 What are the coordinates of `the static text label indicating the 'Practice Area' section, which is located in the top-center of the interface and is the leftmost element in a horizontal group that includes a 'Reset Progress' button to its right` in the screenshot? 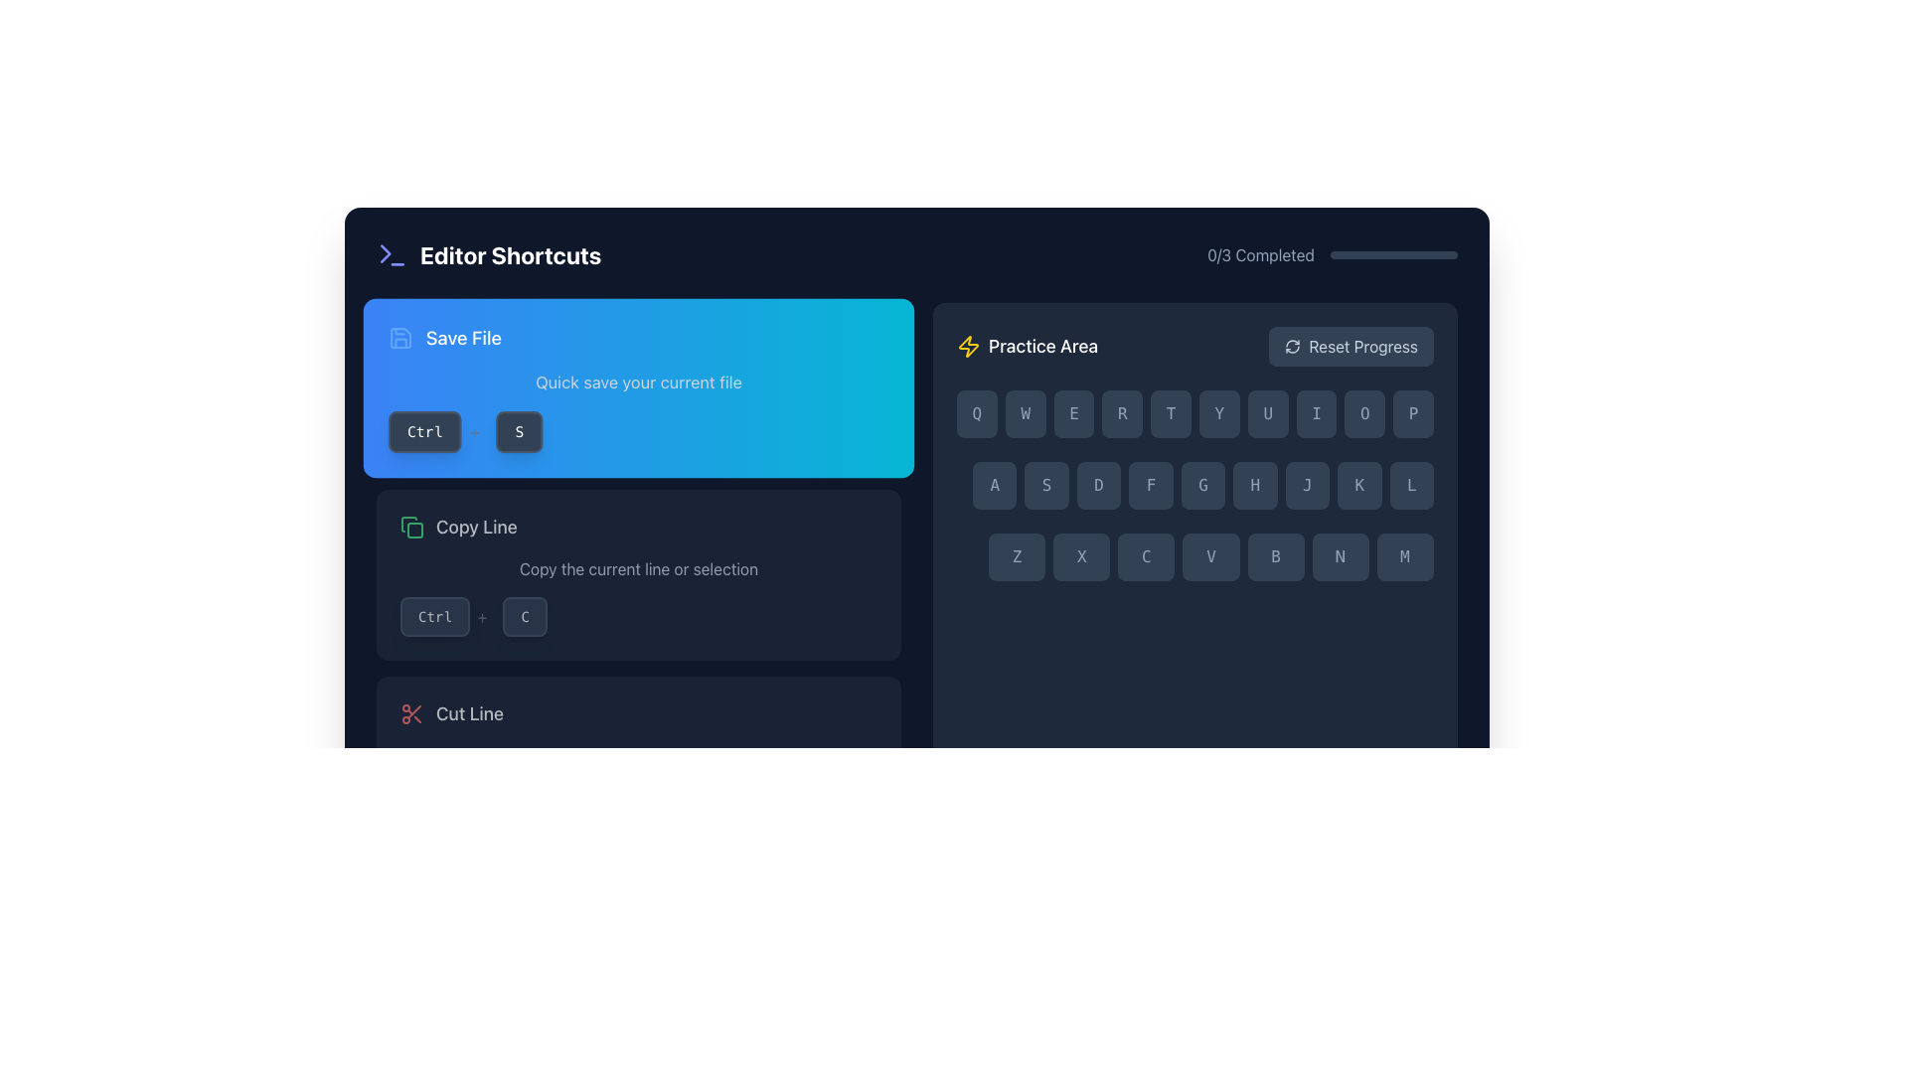 It's located at (1028, 345).